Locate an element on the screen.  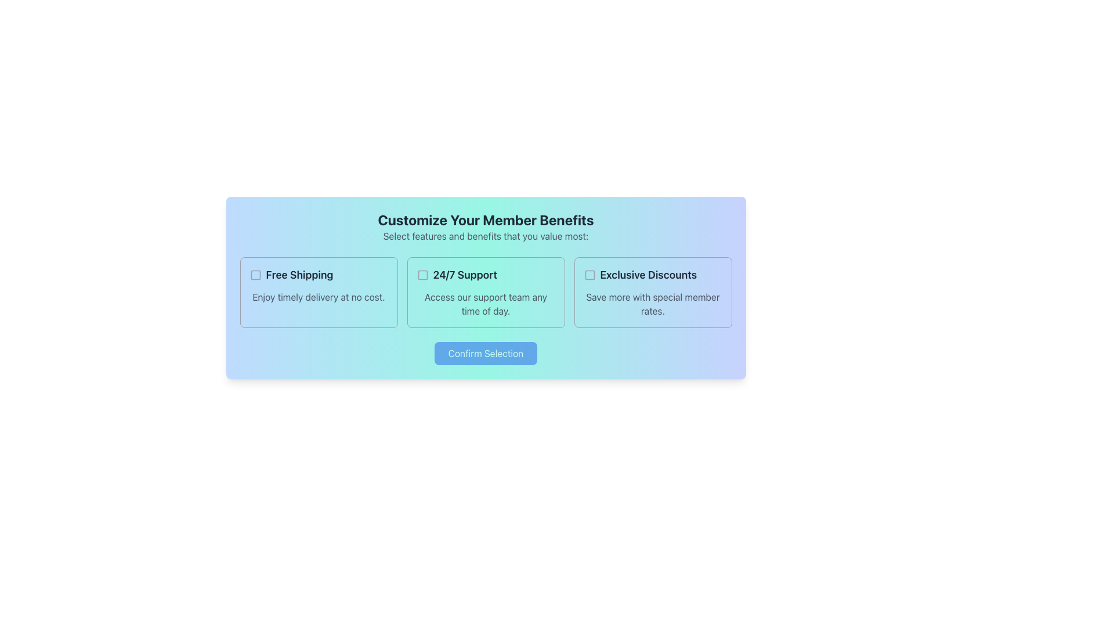
the 'Confirm Selection' button, which is a rectangular button with a blue background and white text, located beneath three options in the UI is located at coordinates (486, 353).